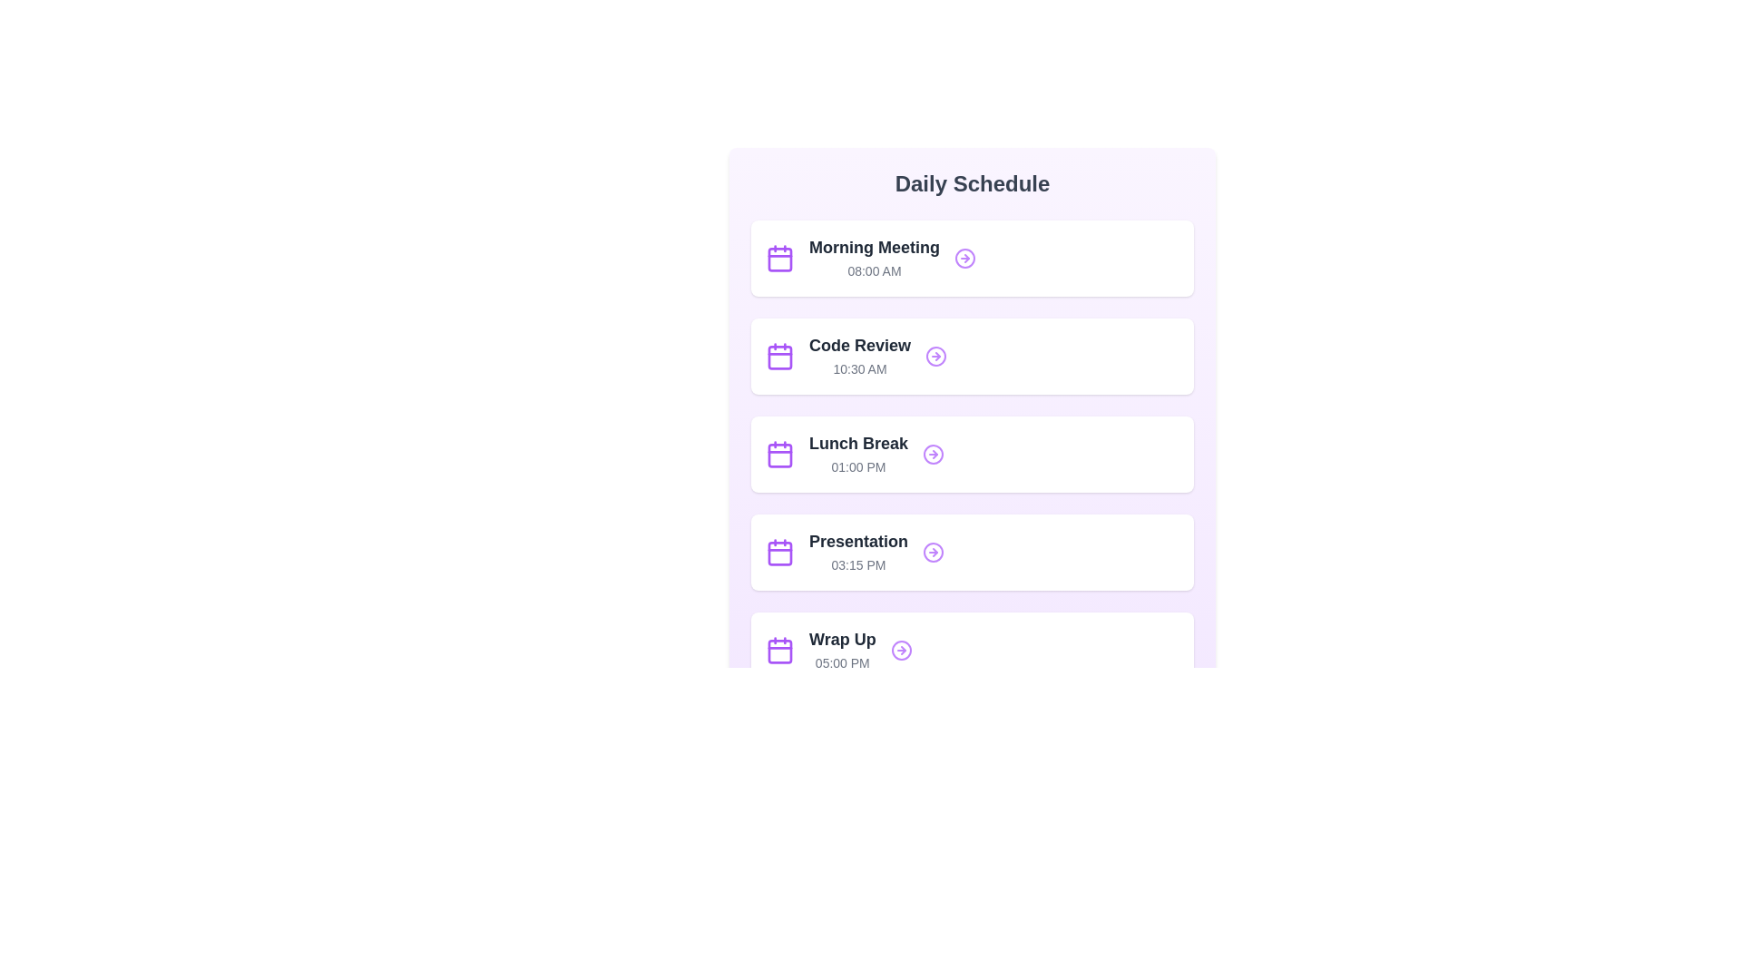 The image size is (1742, 980). I want to click on the 'Presentation' card, which is the fourth item in a vertical list of schedule entries, so click(971, 552).